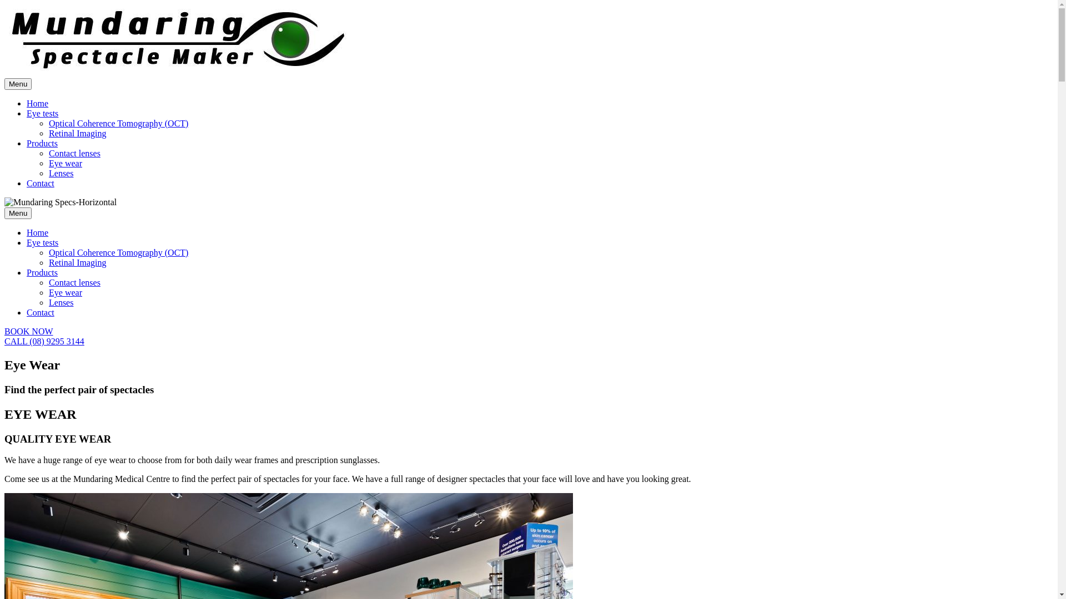 The image size is (1066, 599). Describe the element at coordinates (29, 331) in the screenshot. I see `'BOOK NOW'` at that location.